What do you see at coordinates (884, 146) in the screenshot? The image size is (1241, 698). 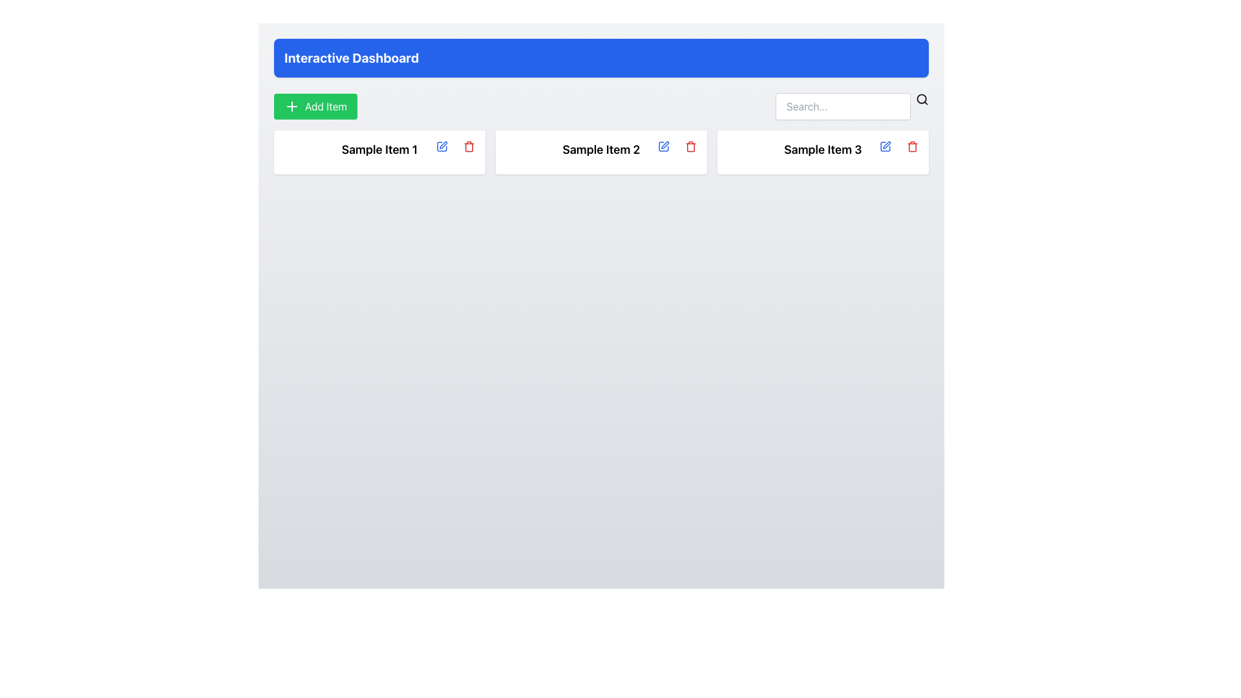 I see `the edit icon button for 'Sample Item 3'` at bounding box center [884, 146].